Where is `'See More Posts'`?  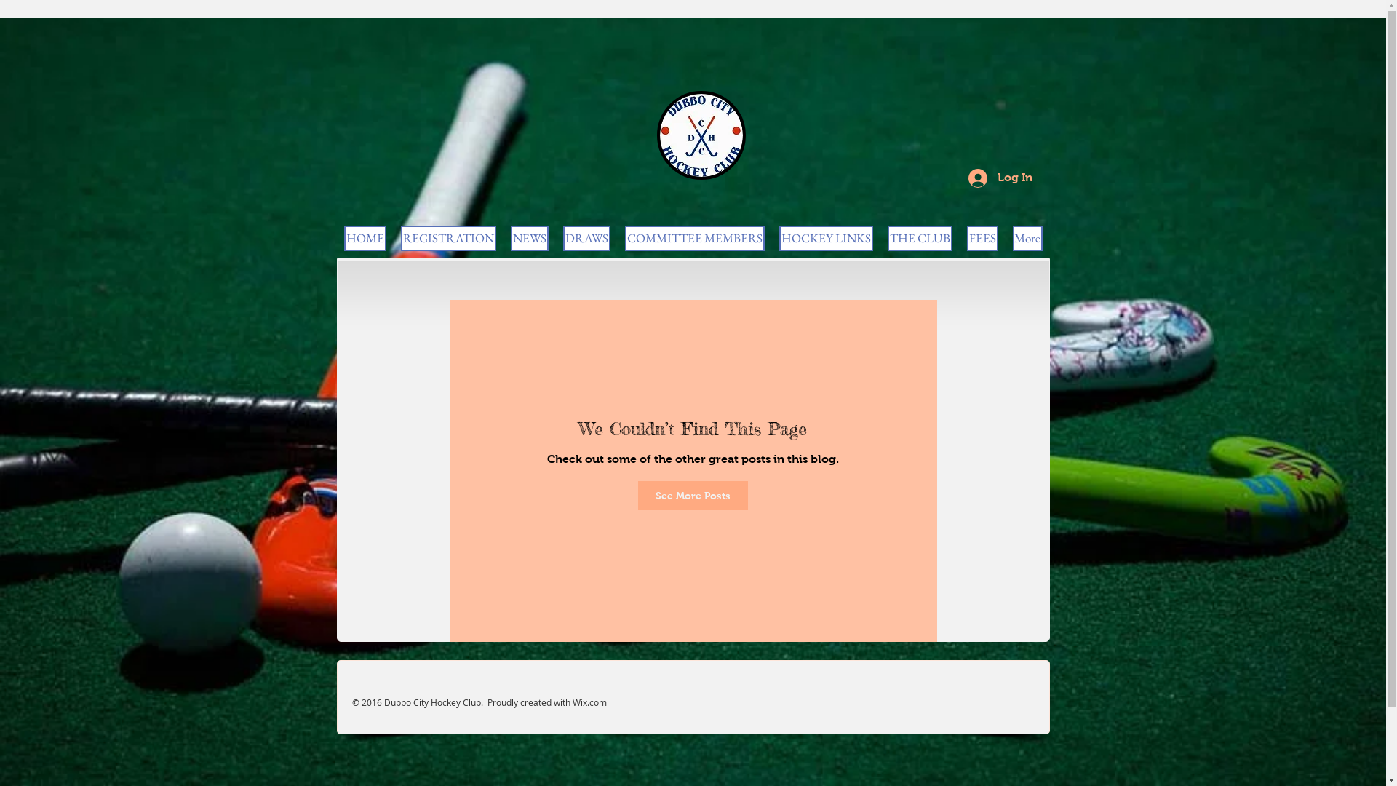 'See More Posts' is located at coordinates (638, 495).